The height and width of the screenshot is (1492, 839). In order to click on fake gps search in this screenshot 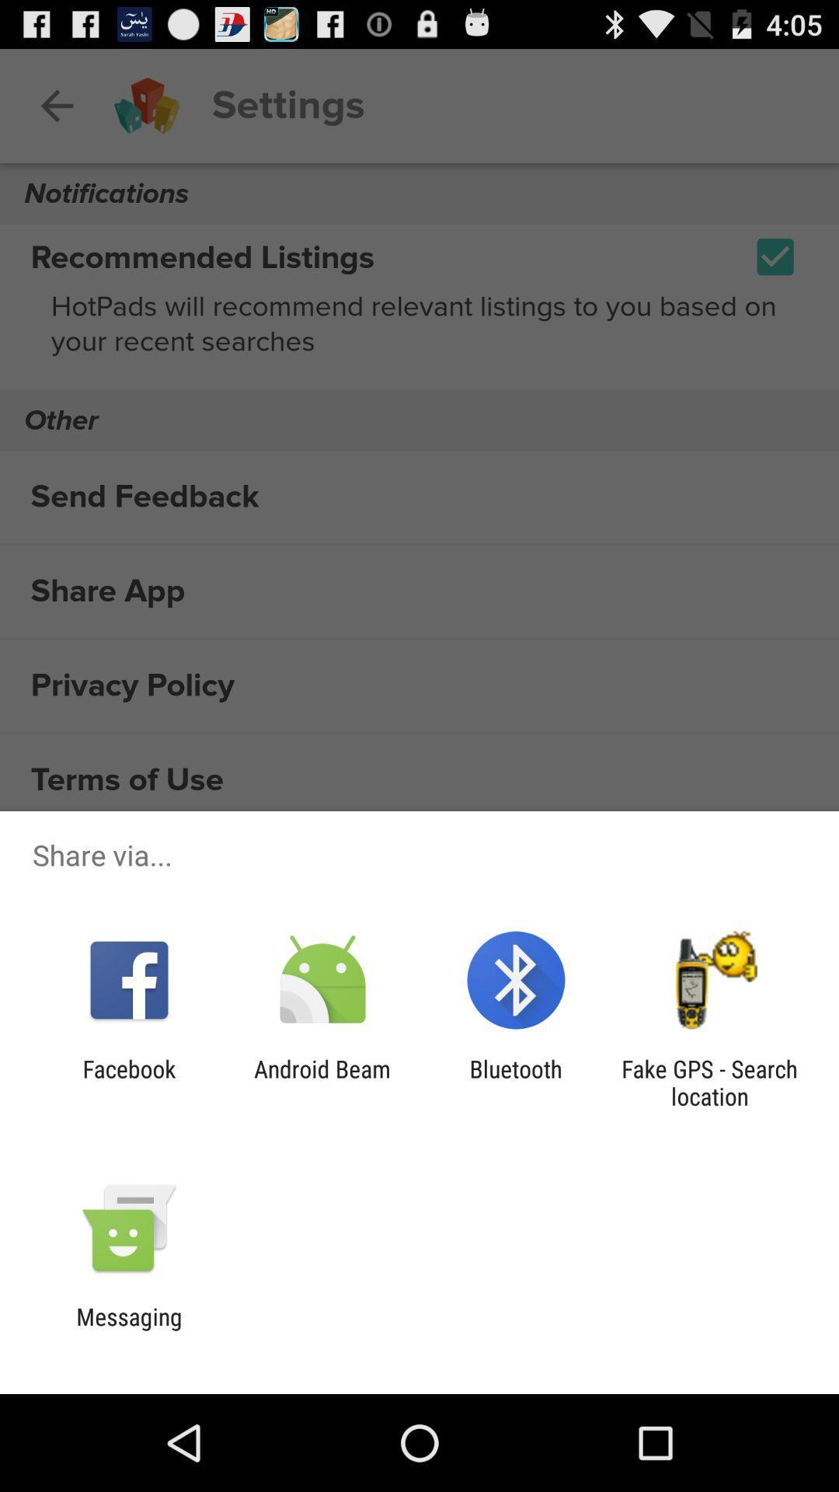, I will do `click(709, 1082)`.